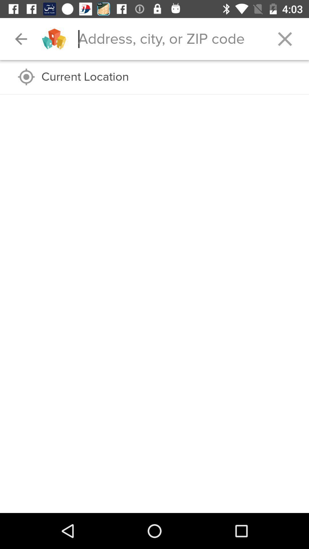 The width and height of the screenshot is (309, 549). Describe the element at coordinates (169, 39) in the screenshot. I see `search box for city/zip code` at that location.